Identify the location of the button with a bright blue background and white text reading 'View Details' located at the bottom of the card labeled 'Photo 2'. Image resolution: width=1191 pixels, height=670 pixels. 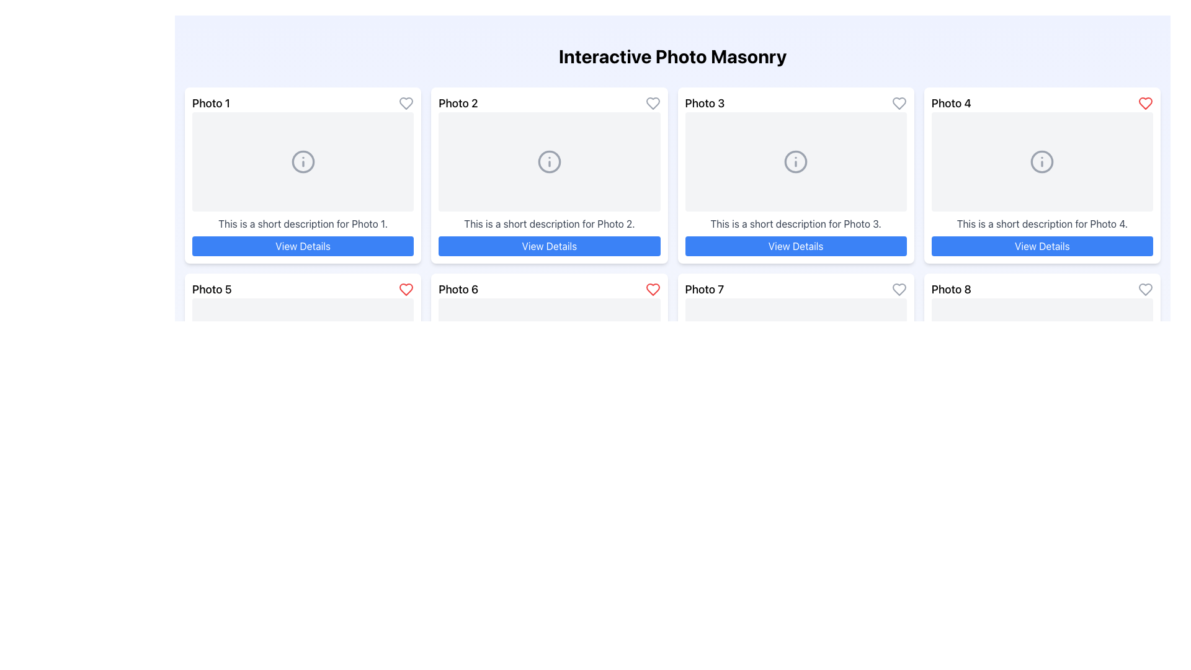
(548, 246).